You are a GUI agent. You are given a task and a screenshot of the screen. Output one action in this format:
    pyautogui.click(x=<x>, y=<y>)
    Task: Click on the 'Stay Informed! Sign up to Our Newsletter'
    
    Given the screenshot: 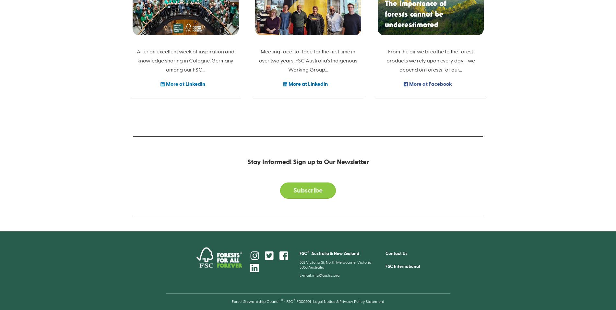 What is the action you would take?
    pyautogui.click(x=307, y=161)
    